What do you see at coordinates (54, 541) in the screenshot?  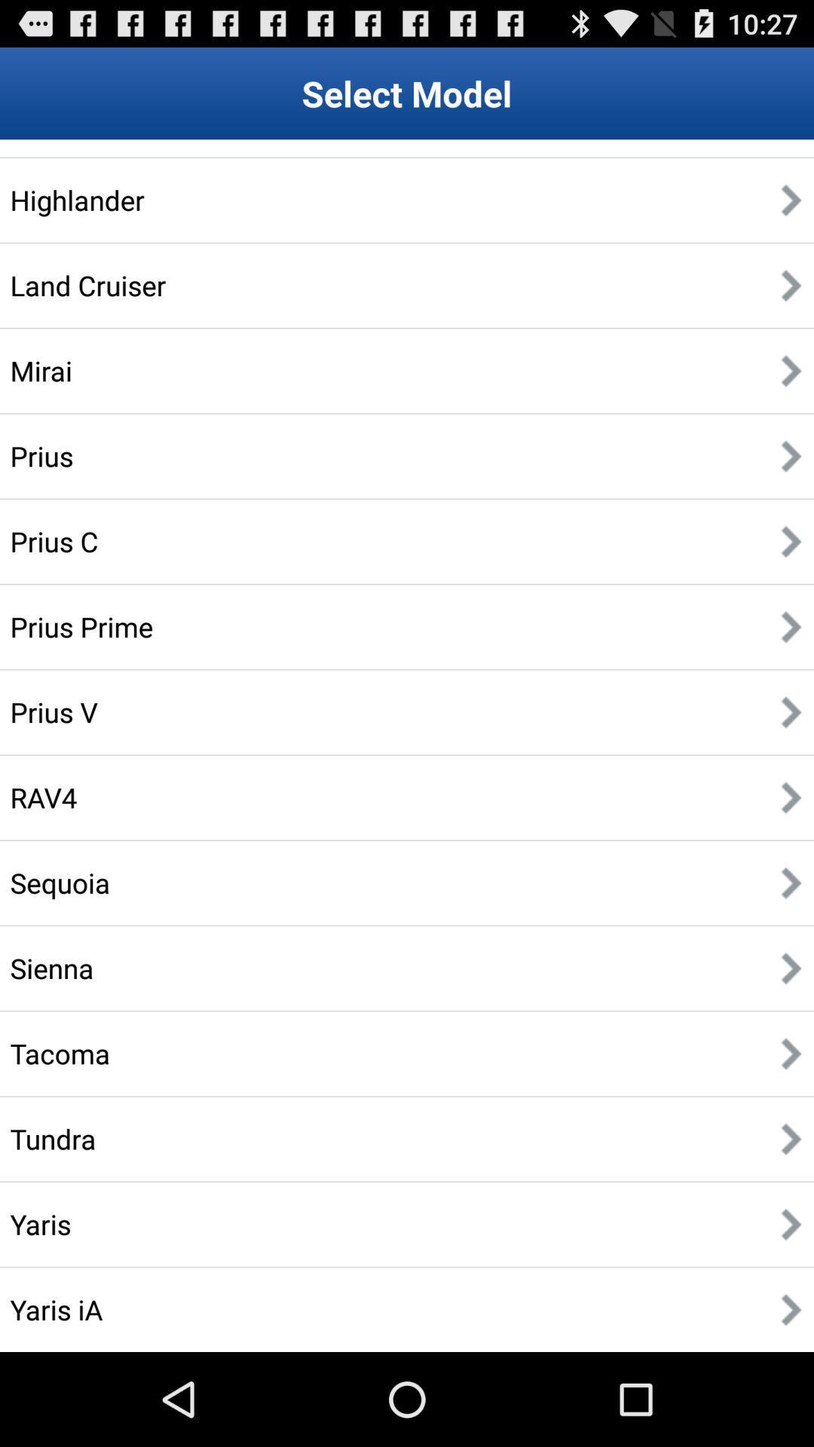 I see `the item above the prius prime` at bounding box center [54, 541].